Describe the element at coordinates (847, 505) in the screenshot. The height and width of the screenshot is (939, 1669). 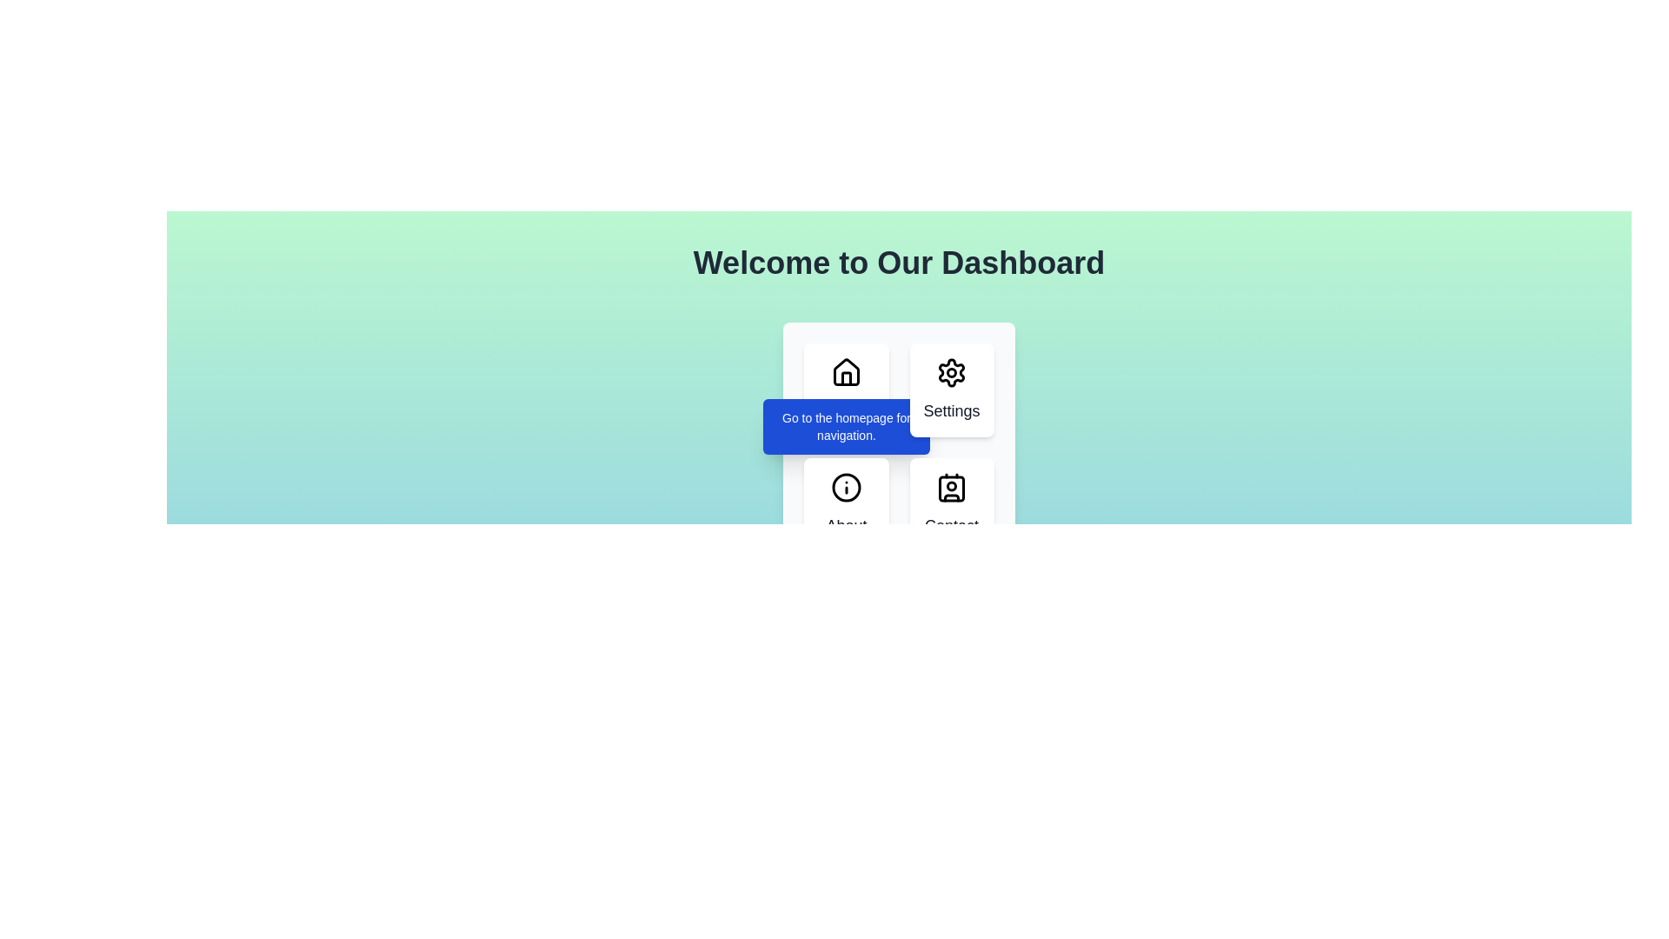
I see `the Card or Tile located in the lower-left quadrant of the dashboard` at that location.